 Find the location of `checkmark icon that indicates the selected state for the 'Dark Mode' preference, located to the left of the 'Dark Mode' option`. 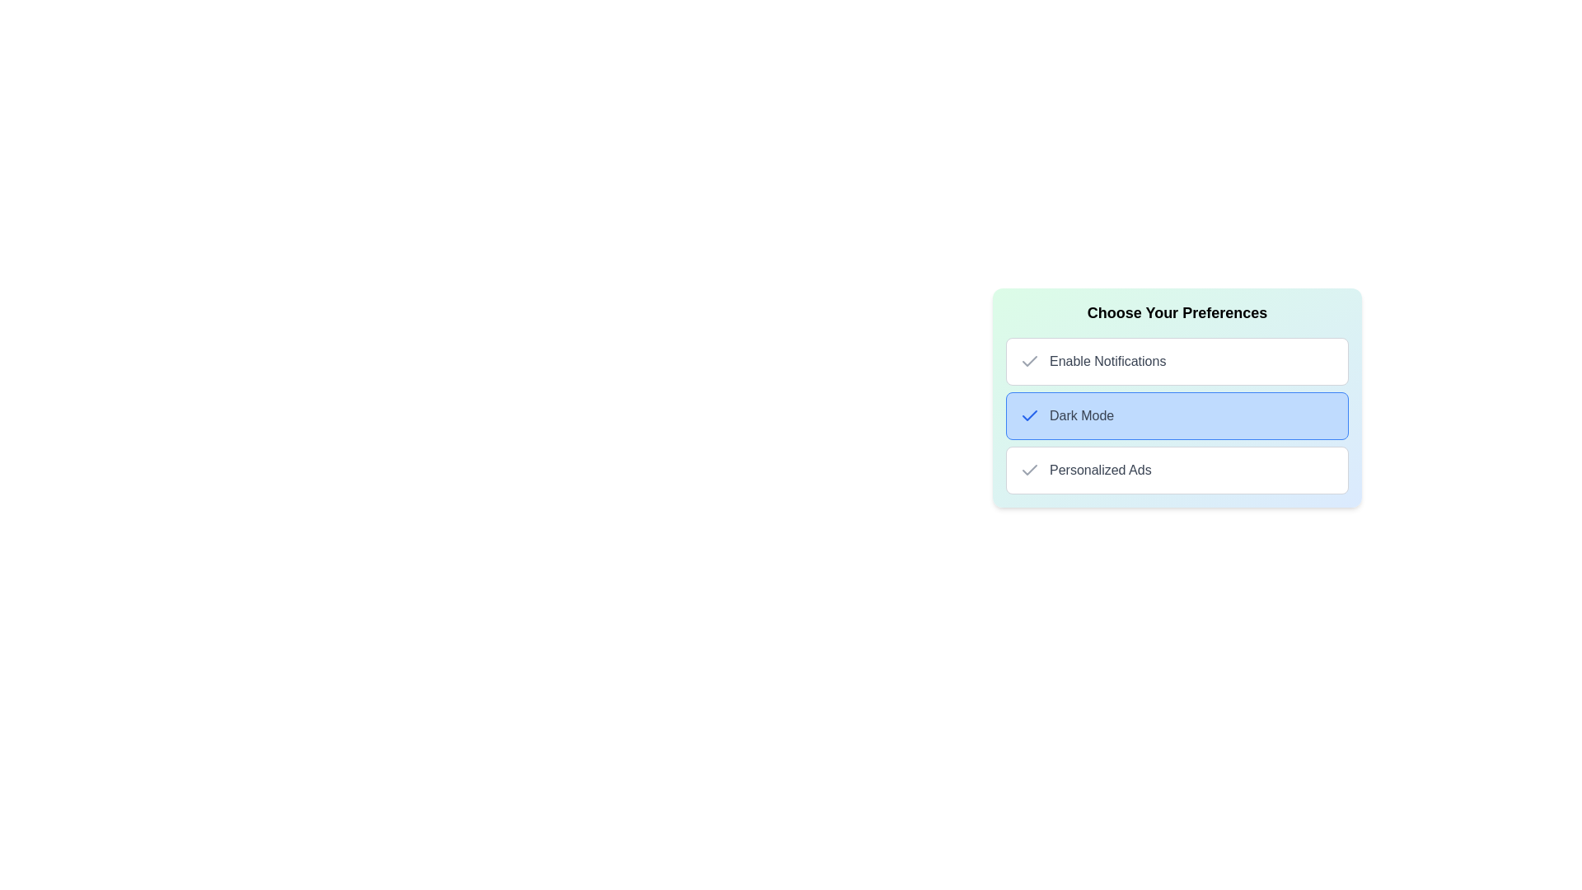

checkmark icon that indicates the selected state for the 'Dark Mode' preference, located to the left of the 'Dark Mode' option is located at coordinates (1028, 415).